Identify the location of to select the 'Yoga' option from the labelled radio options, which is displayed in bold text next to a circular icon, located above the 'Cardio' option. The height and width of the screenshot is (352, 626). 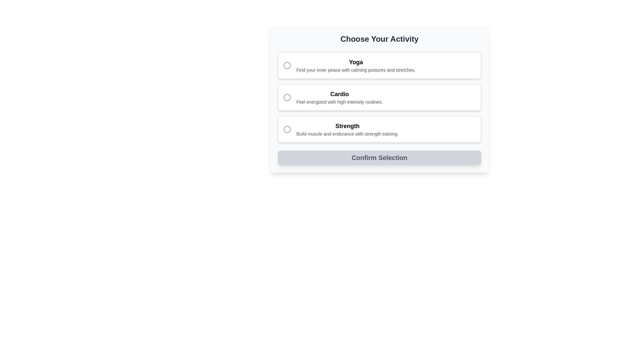
(349, 65).